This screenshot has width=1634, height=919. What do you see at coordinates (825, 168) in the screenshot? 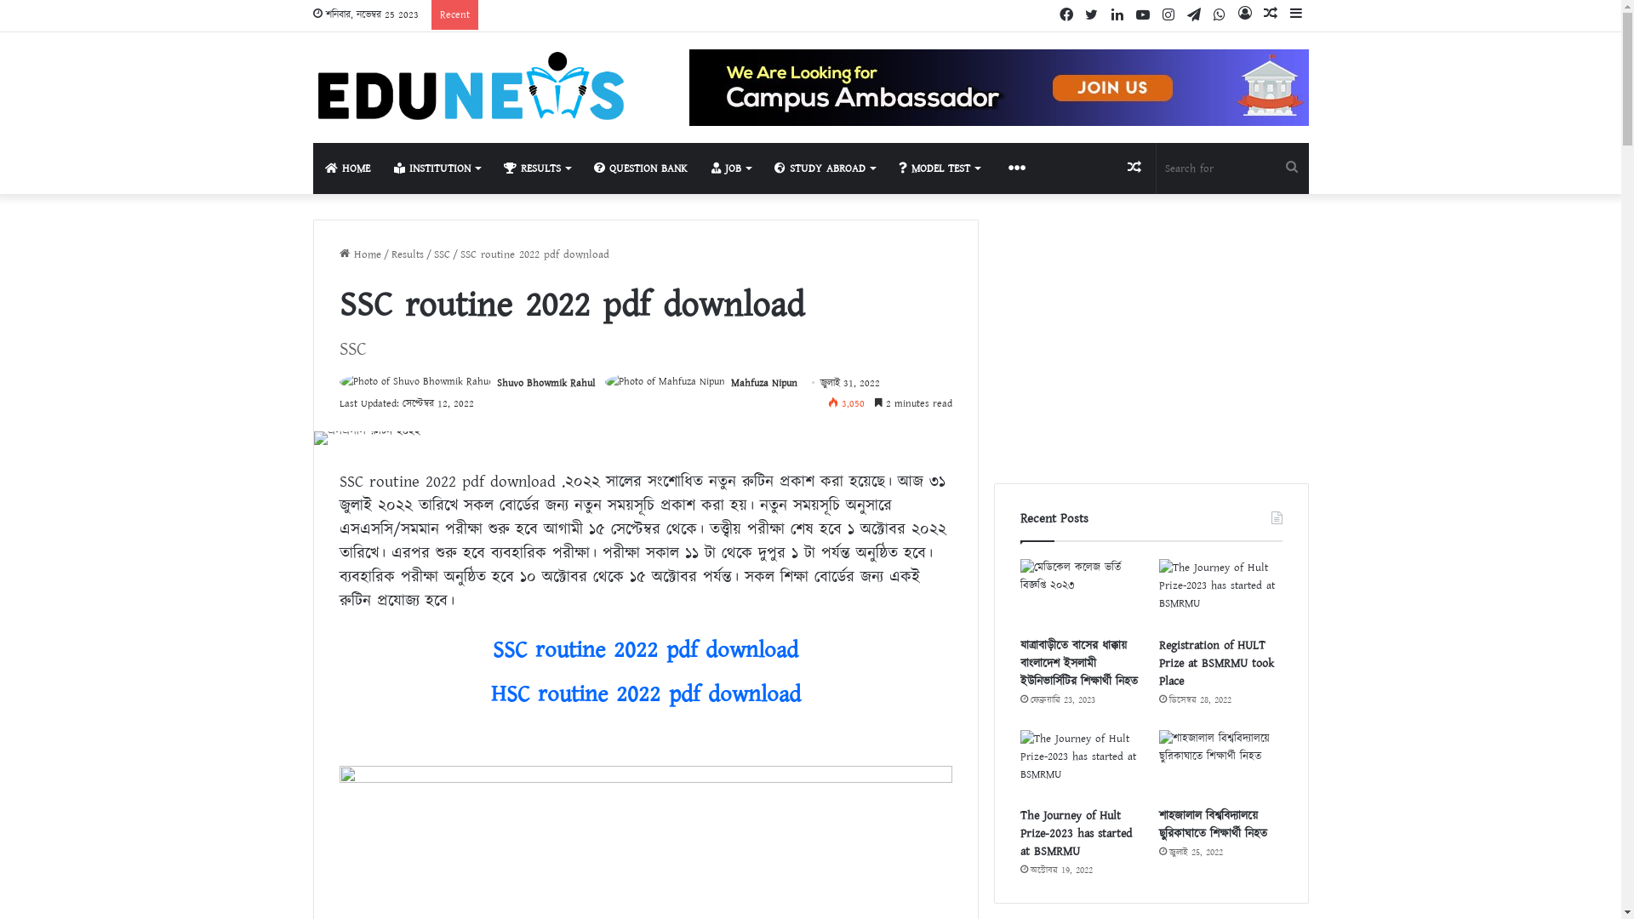
I see `'STUDY ABROAD'` at bounding box center [825, 168].